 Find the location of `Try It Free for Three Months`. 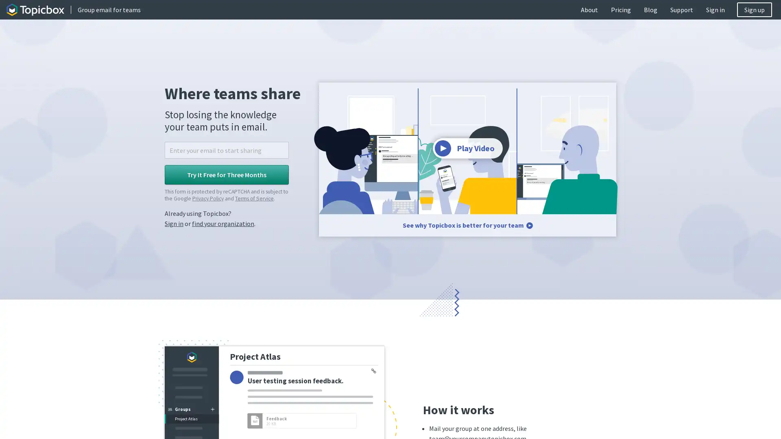

Try It Free for Three Months is located at coordinates (227, 174).